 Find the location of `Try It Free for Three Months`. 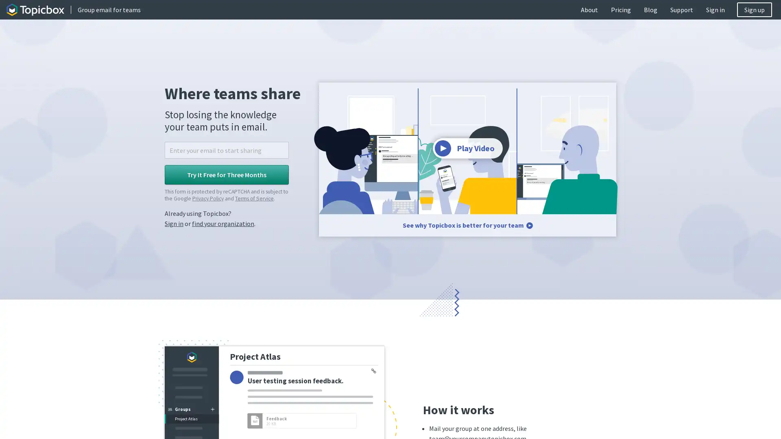

Try It Free for Three Months is located at coordinates (227, 174).